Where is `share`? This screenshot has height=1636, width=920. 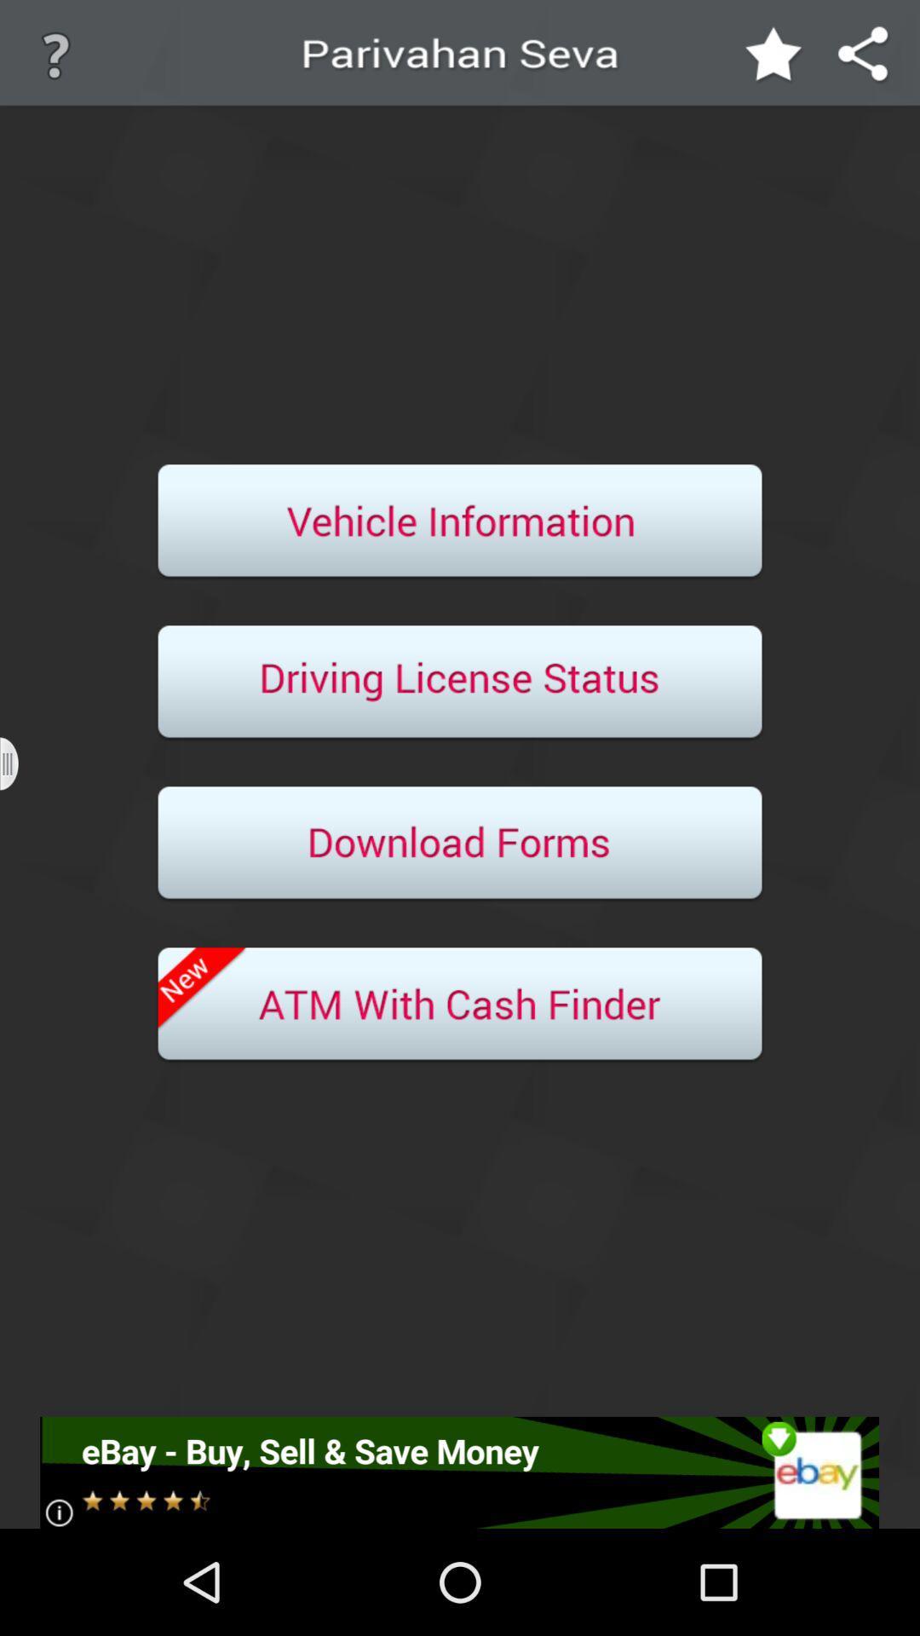
share is located at coordinates (864, 55).